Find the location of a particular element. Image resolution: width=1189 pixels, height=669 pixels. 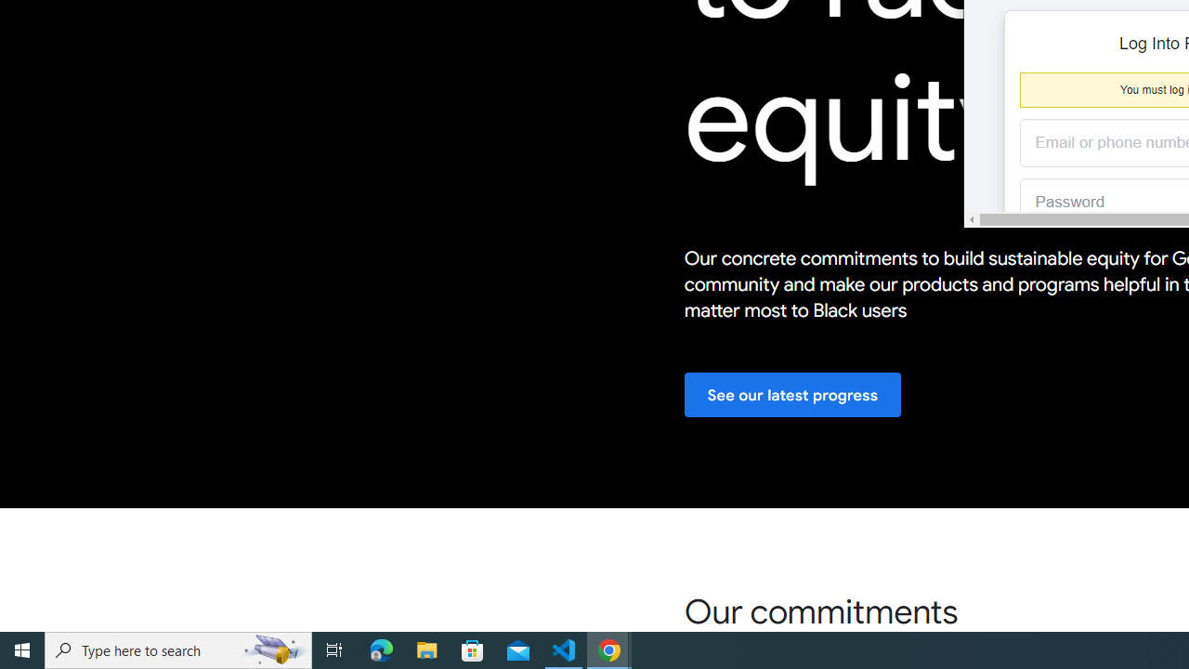

'Microsoft Store' is located at coordinates (473, 649).